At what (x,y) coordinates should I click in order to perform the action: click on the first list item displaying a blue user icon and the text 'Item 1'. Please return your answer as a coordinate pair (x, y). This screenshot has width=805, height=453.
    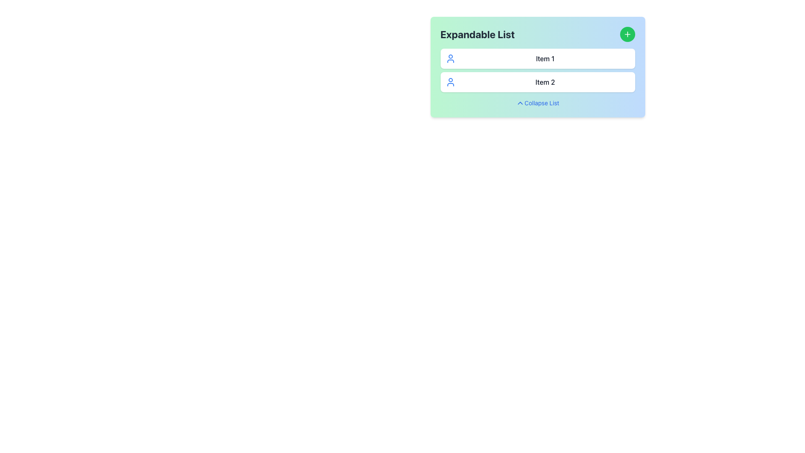
    Looking at the image, I should click on (538, 58).